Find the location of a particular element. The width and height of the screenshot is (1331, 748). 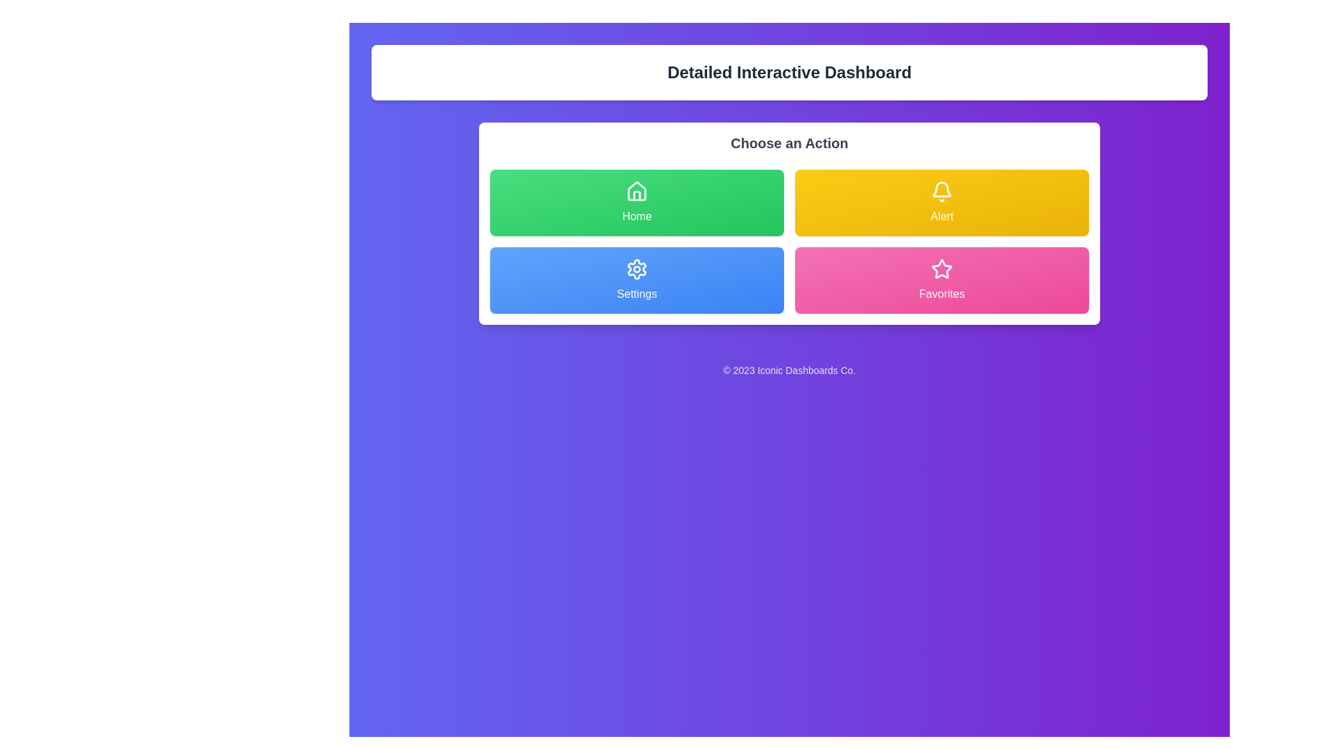

the 'Settings' icon located in the middle of the interface, which serves as a visual representation of the settings functionality is located at coordinates (636, 269).